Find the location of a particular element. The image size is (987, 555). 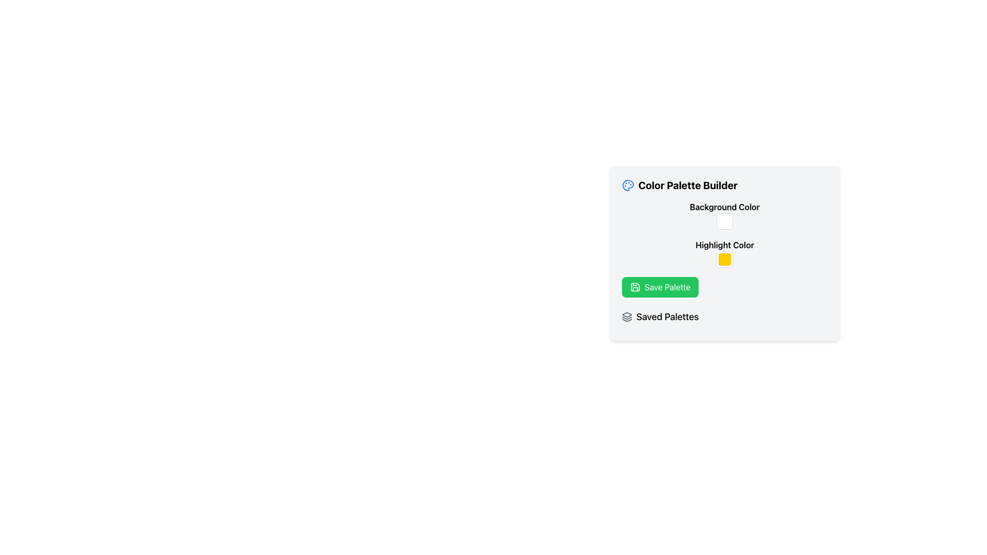

the color box labeled 'Background Color' is located at coordinates (724, 215).